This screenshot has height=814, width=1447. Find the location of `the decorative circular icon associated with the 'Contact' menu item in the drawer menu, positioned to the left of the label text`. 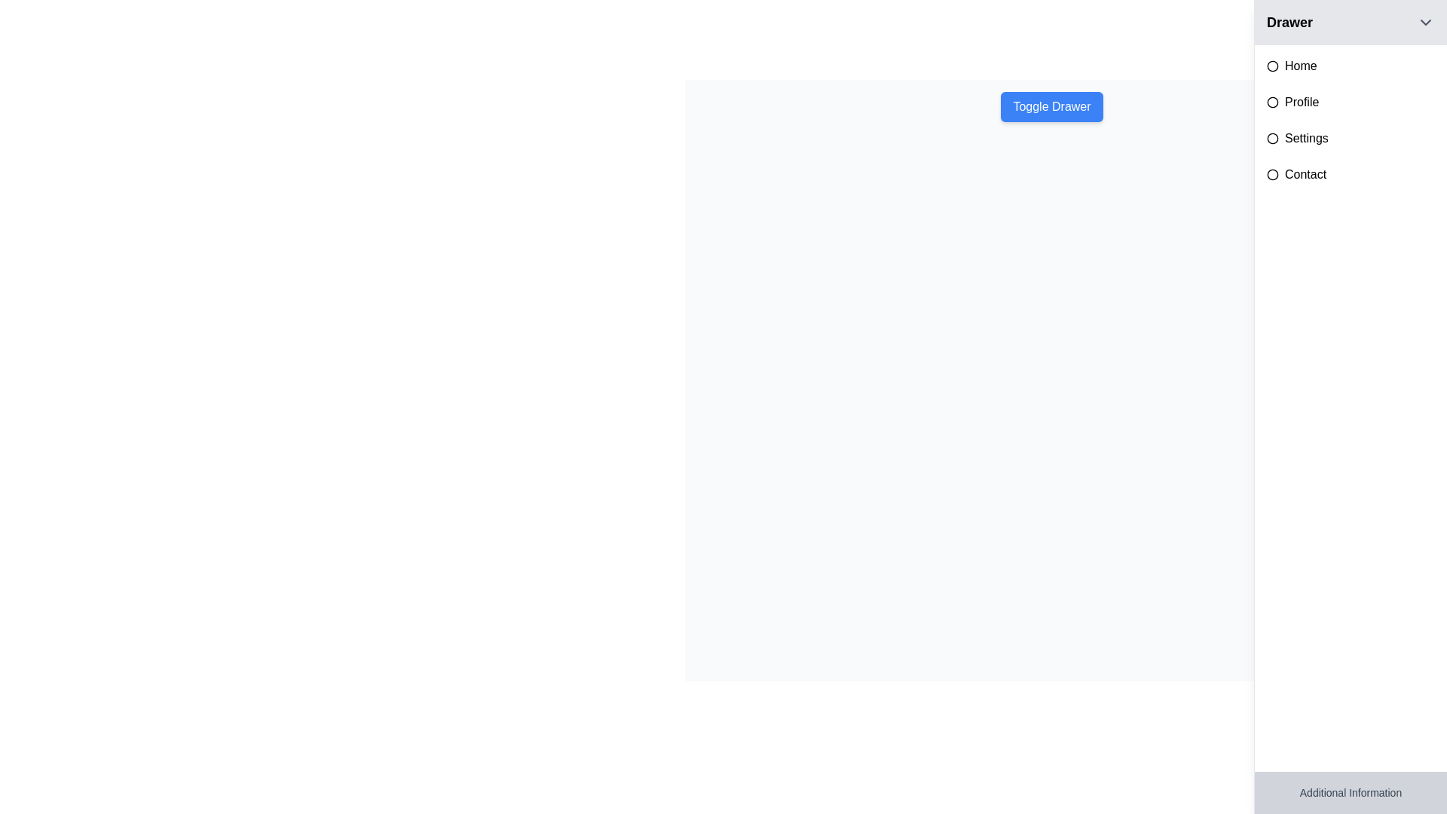

the decorative circular icon associated with the 'Contact' menu item in the drawer menu, positioned to the left of the label text is located at coordinates (1272, 173).